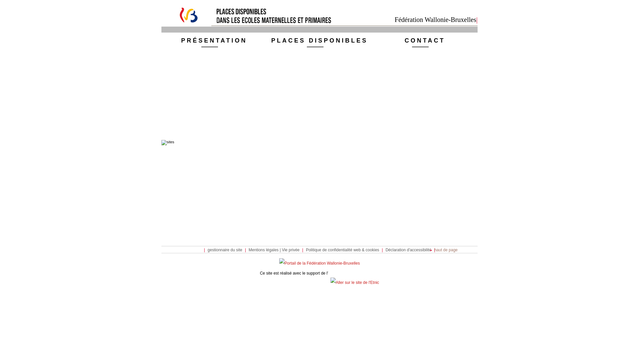  I want to click on 'CONTACT', so click(424, 42).